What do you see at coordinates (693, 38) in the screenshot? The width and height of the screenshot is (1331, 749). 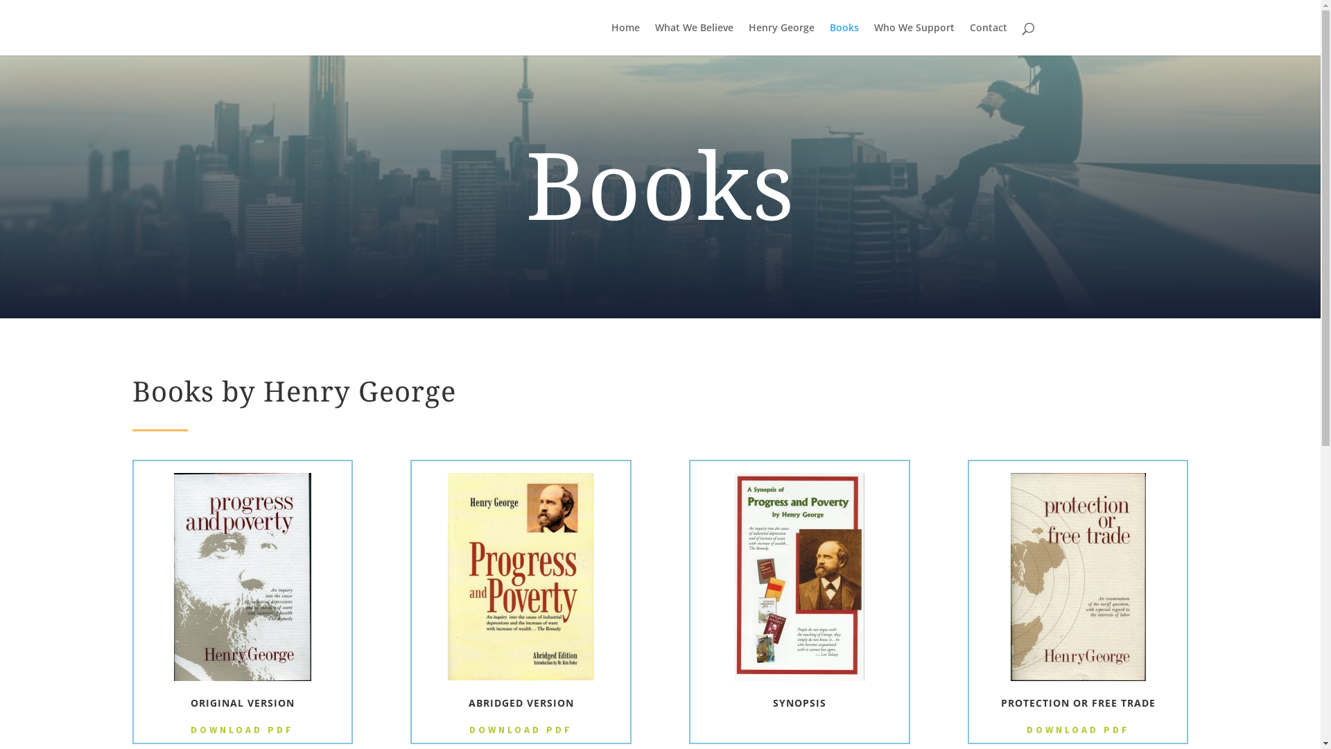 I see `'What We Believe'` at bounding box center [693, 38].